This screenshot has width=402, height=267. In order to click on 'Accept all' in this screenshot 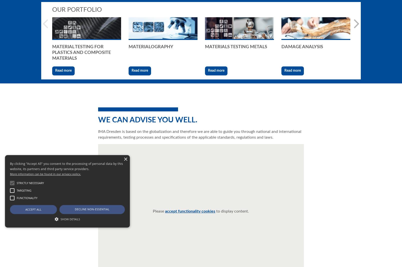, I will do `click(33, 209)`.